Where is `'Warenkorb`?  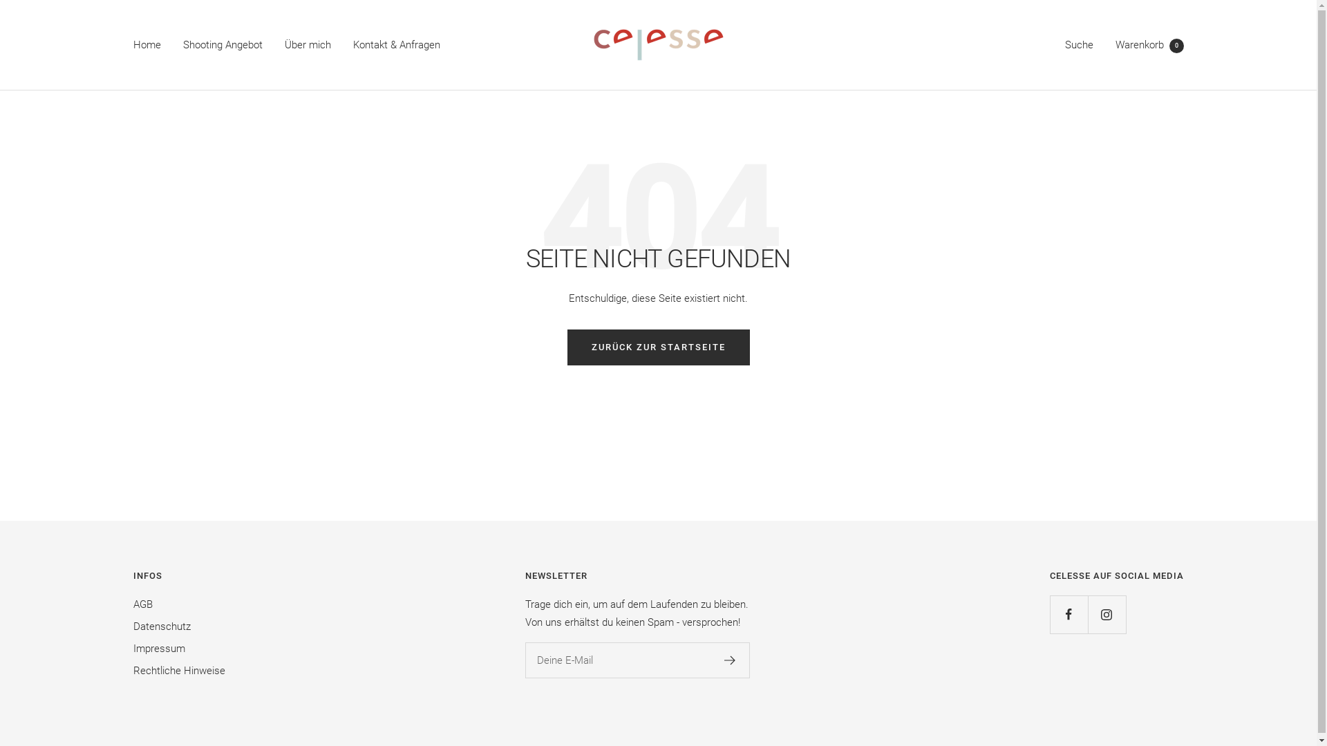 'Warenkorb is located at coordinates (1149, 44).